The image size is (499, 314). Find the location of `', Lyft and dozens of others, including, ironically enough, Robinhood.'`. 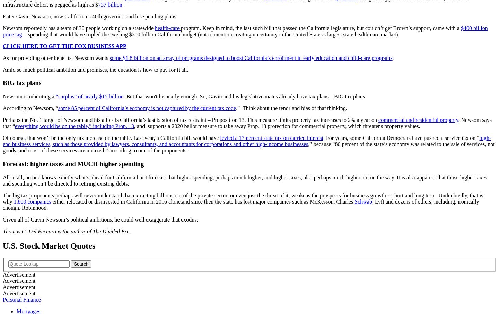

', Lyft and dozens of others, including, ironically enough, Robinhood.' is located at coordinates (240, 204).